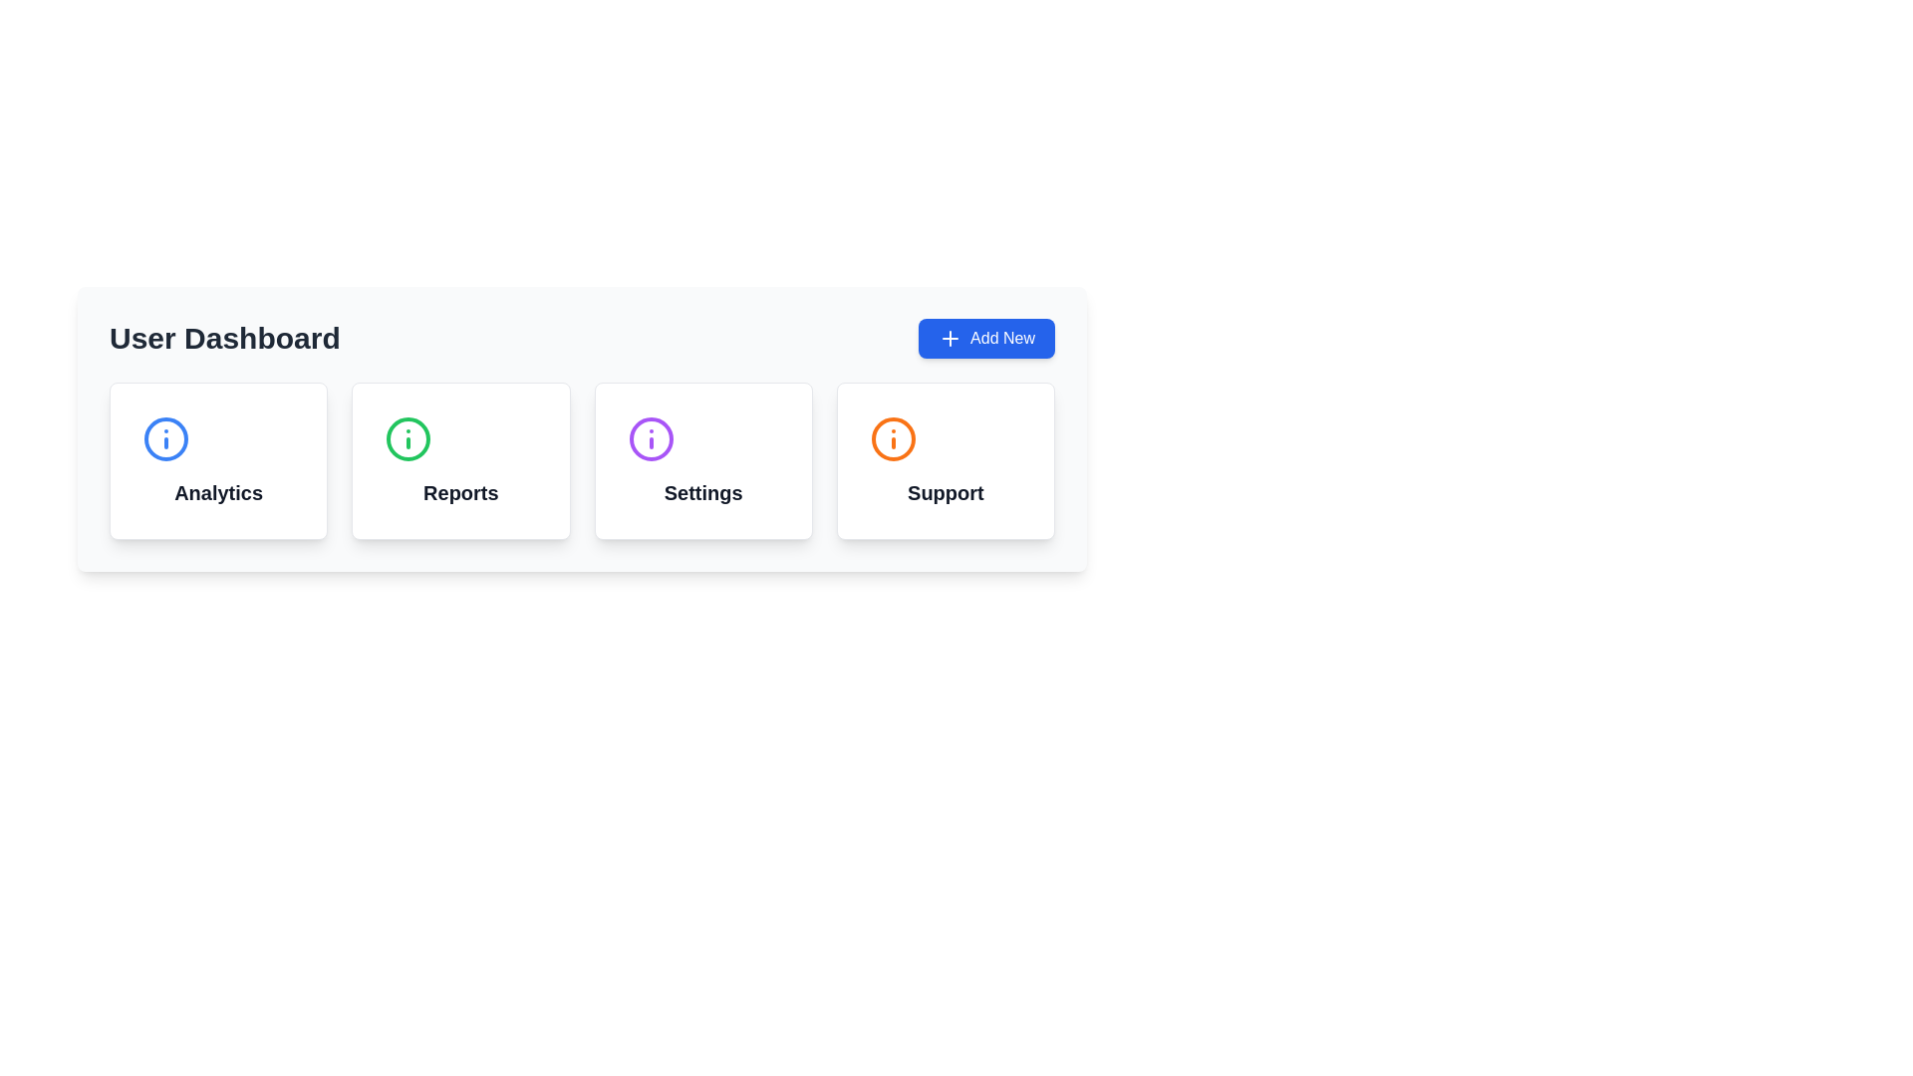 The height and width of the screenshot is (1076, 1913). I want to click on the informational SVG icon related, so click(651, 437).